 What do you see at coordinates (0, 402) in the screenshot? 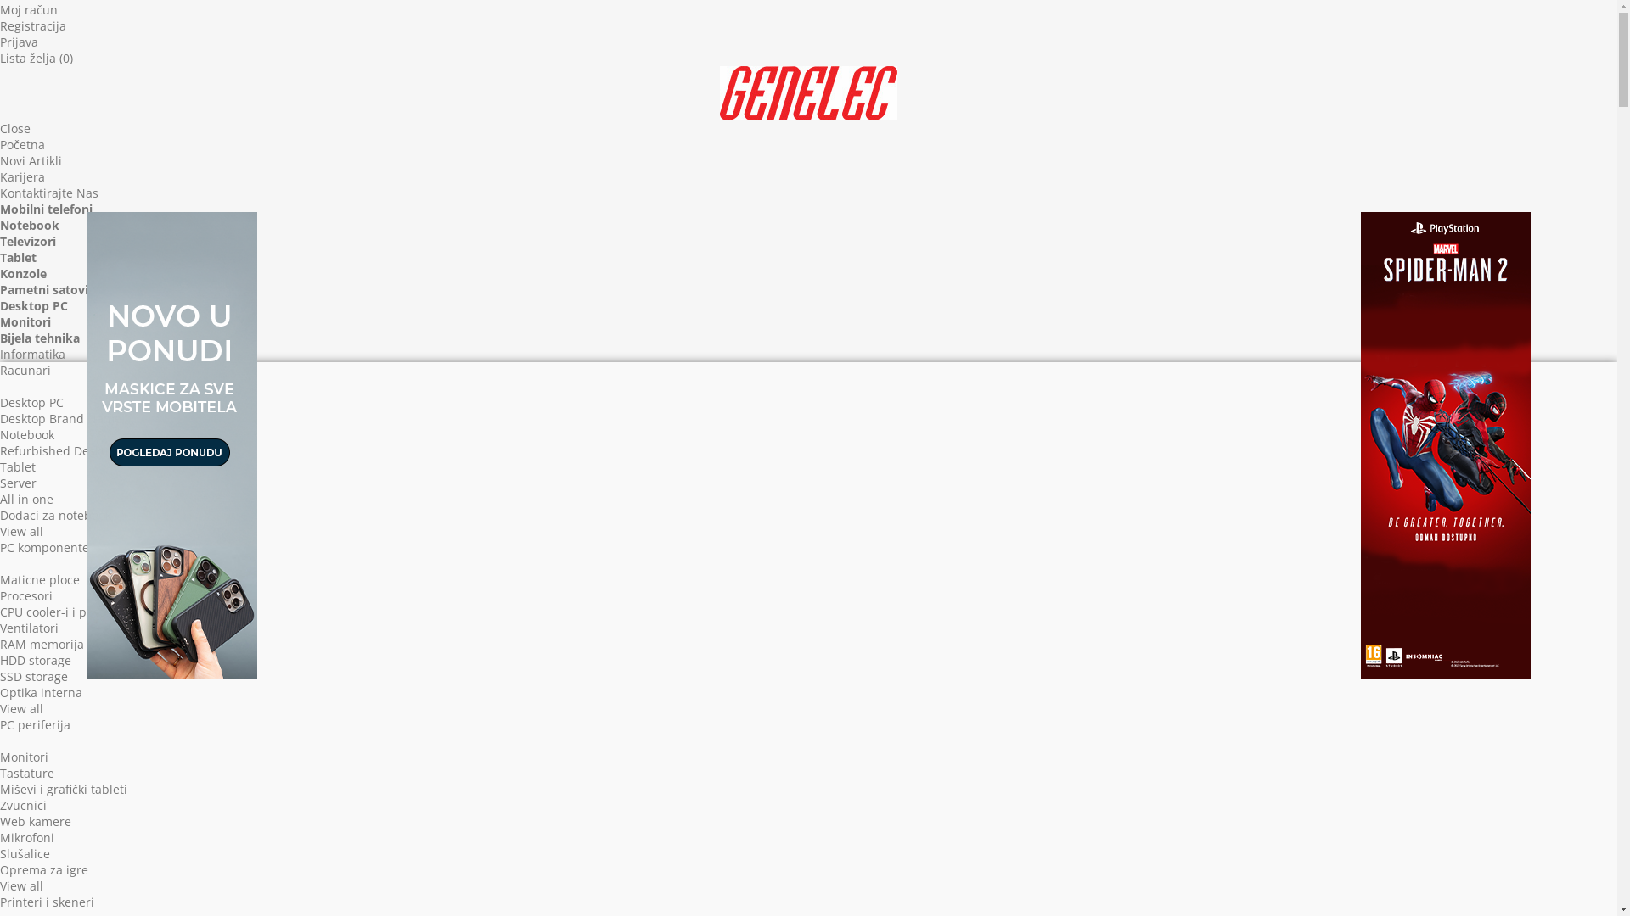
I see `'Desktop PC'` at bounding box center [0, 402].